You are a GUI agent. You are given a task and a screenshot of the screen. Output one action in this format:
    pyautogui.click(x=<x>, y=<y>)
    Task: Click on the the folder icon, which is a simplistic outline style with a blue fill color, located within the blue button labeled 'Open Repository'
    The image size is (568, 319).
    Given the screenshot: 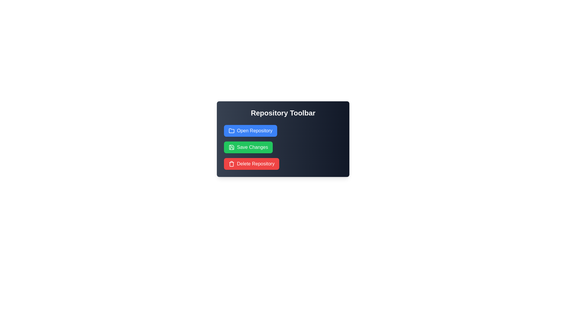 What is the action you would take?
    pyautogui.click(x=231, y=130)
    